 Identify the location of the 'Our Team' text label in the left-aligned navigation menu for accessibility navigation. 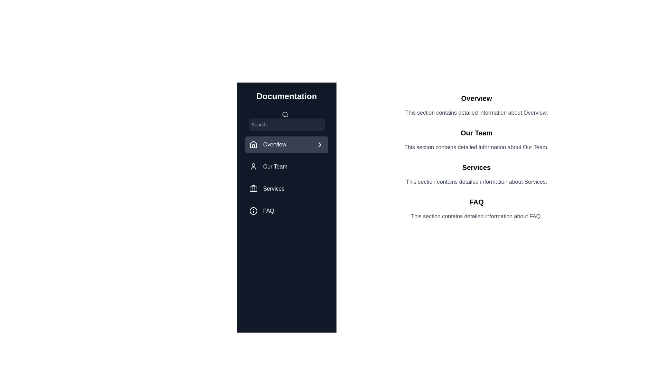
(275, 166).